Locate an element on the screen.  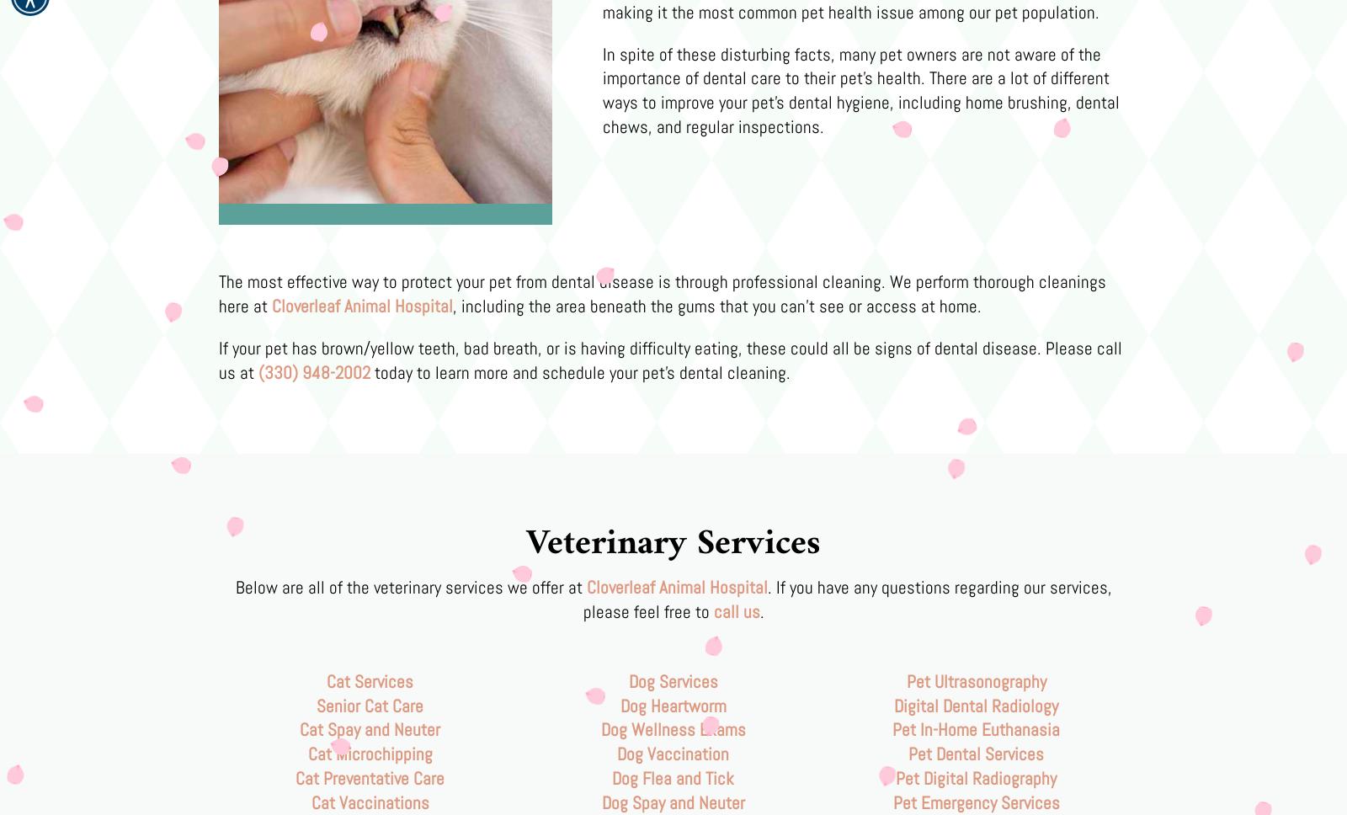
'Digital Dental Radiology' is located at coordinates (976, 705).